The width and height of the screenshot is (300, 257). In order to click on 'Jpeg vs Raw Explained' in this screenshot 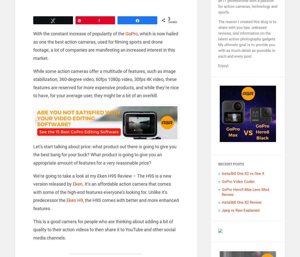, I will do `click(240, 210)`.